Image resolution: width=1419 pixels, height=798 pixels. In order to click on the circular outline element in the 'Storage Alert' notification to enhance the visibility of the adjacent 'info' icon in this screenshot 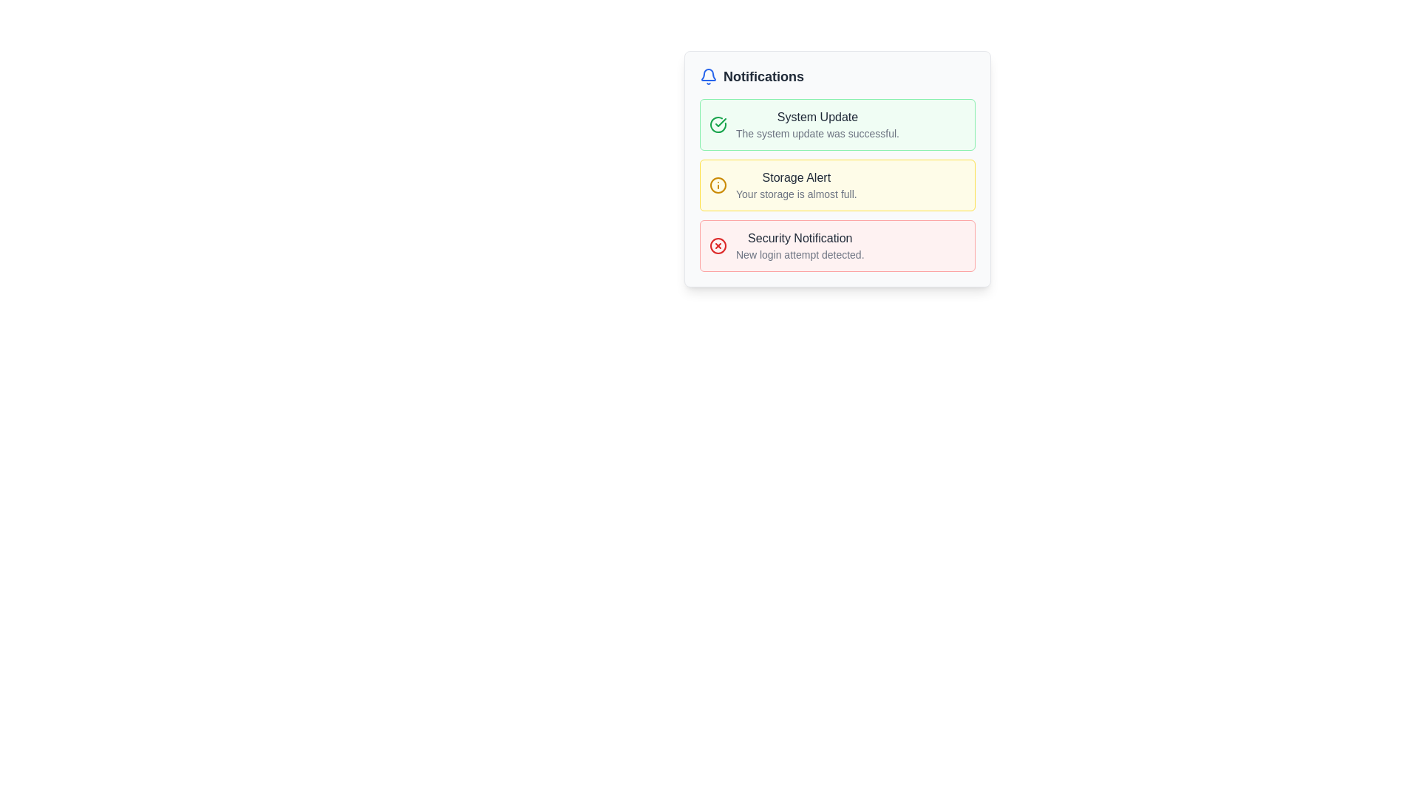, I will do `click(718, 184)`.